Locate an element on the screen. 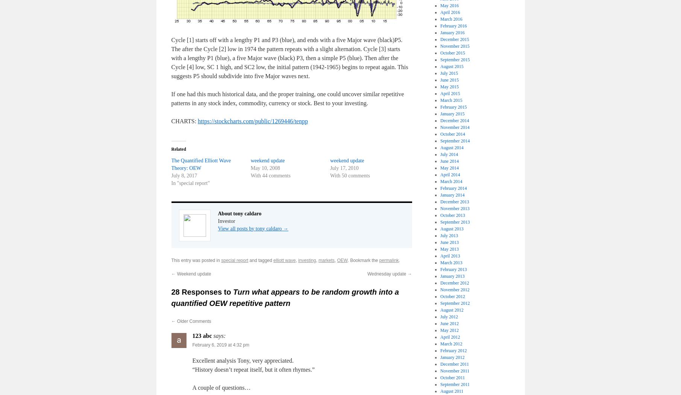 This screenshot has width=681, height=395. 'May 2015' is located at coordinates (440, 86).